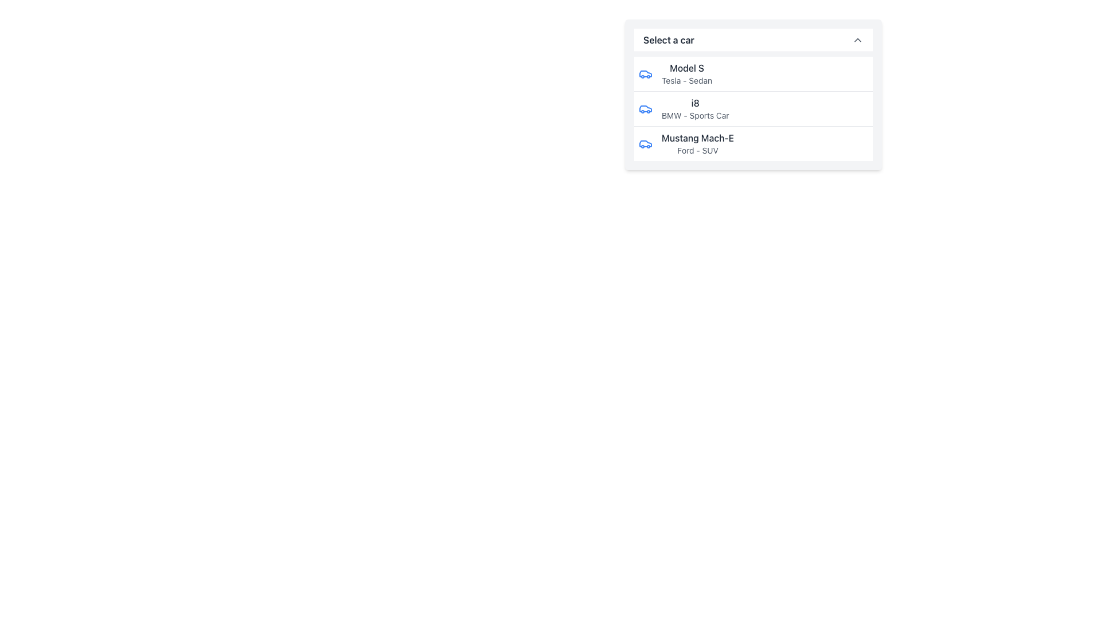 The width and height of the screenshot is (1101, 619). What do you see at coordinates (669, 39) in the screenshot?
I see `label text 'Select a car' which is a bold, dark gray header located at the top of the dropdown menu, positioned left of the chevron icon` at bounding box center [669, 39].